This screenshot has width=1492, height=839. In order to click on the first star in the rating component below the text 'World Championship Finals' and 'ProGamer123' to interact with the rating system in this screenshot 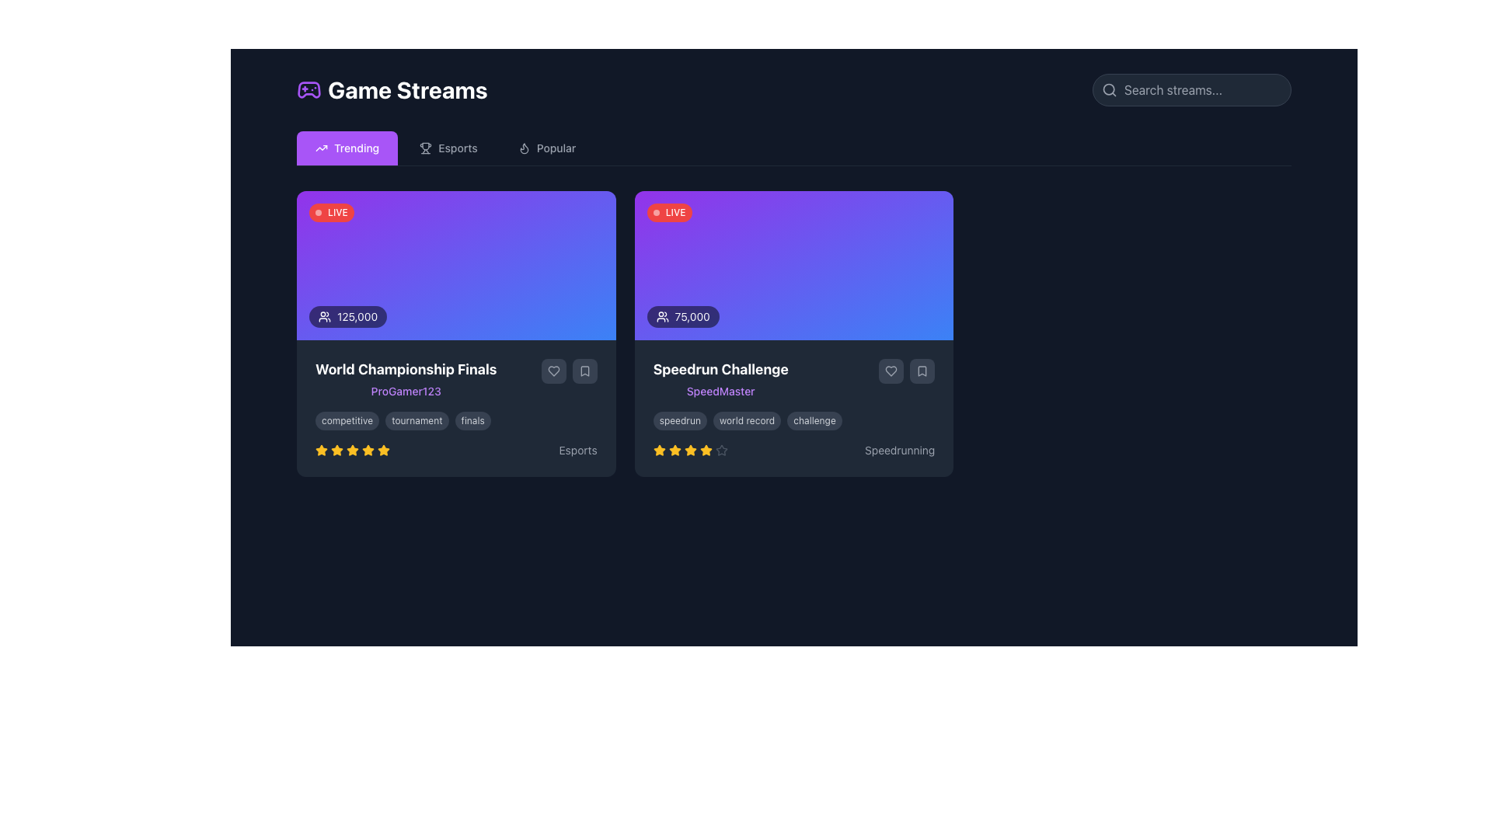, I will do `click(352, 450)`.